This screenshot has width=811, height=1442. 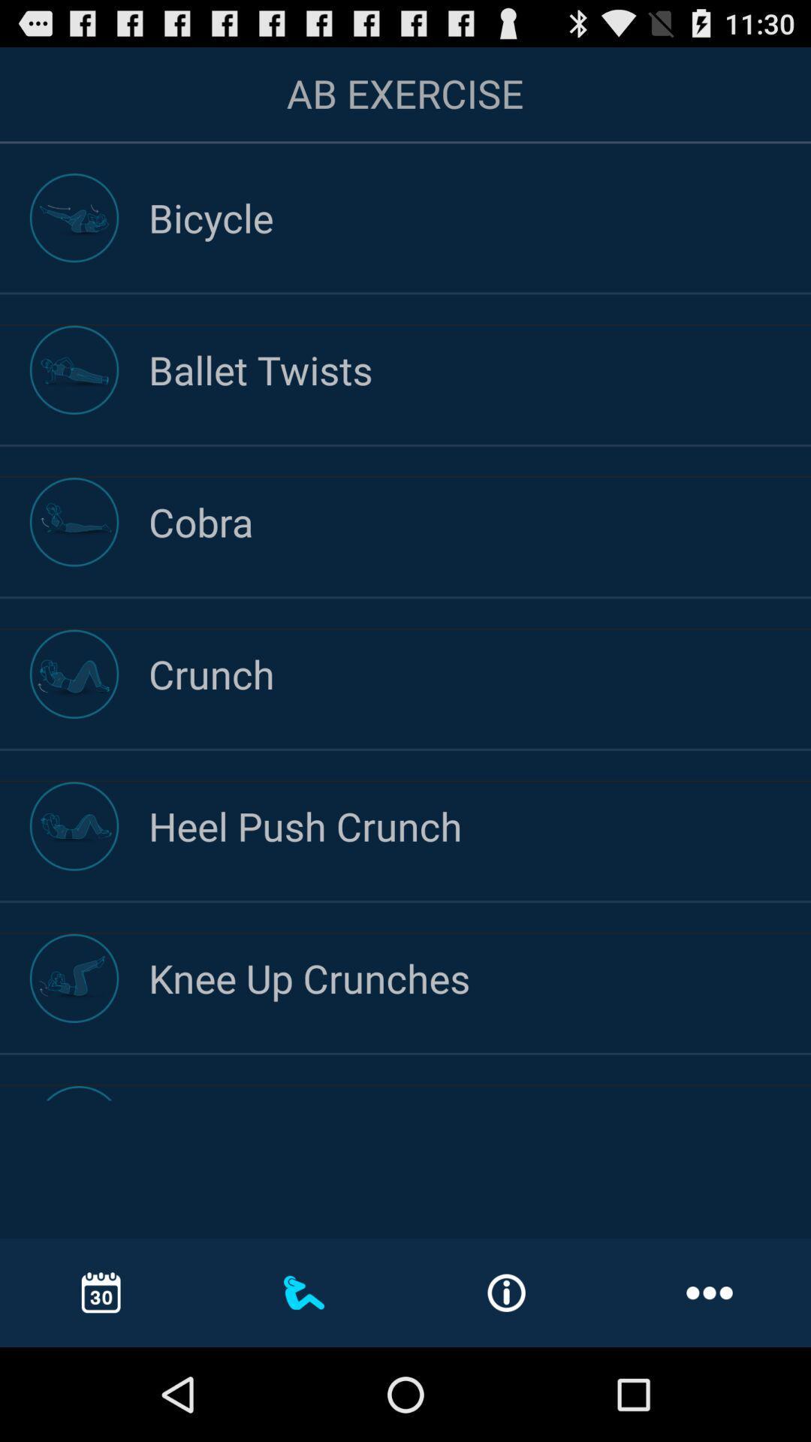 What do you see at coordinates (480, 216) in the screenshot?
I see `the bicycle icon` at bounding box center [480, 216].